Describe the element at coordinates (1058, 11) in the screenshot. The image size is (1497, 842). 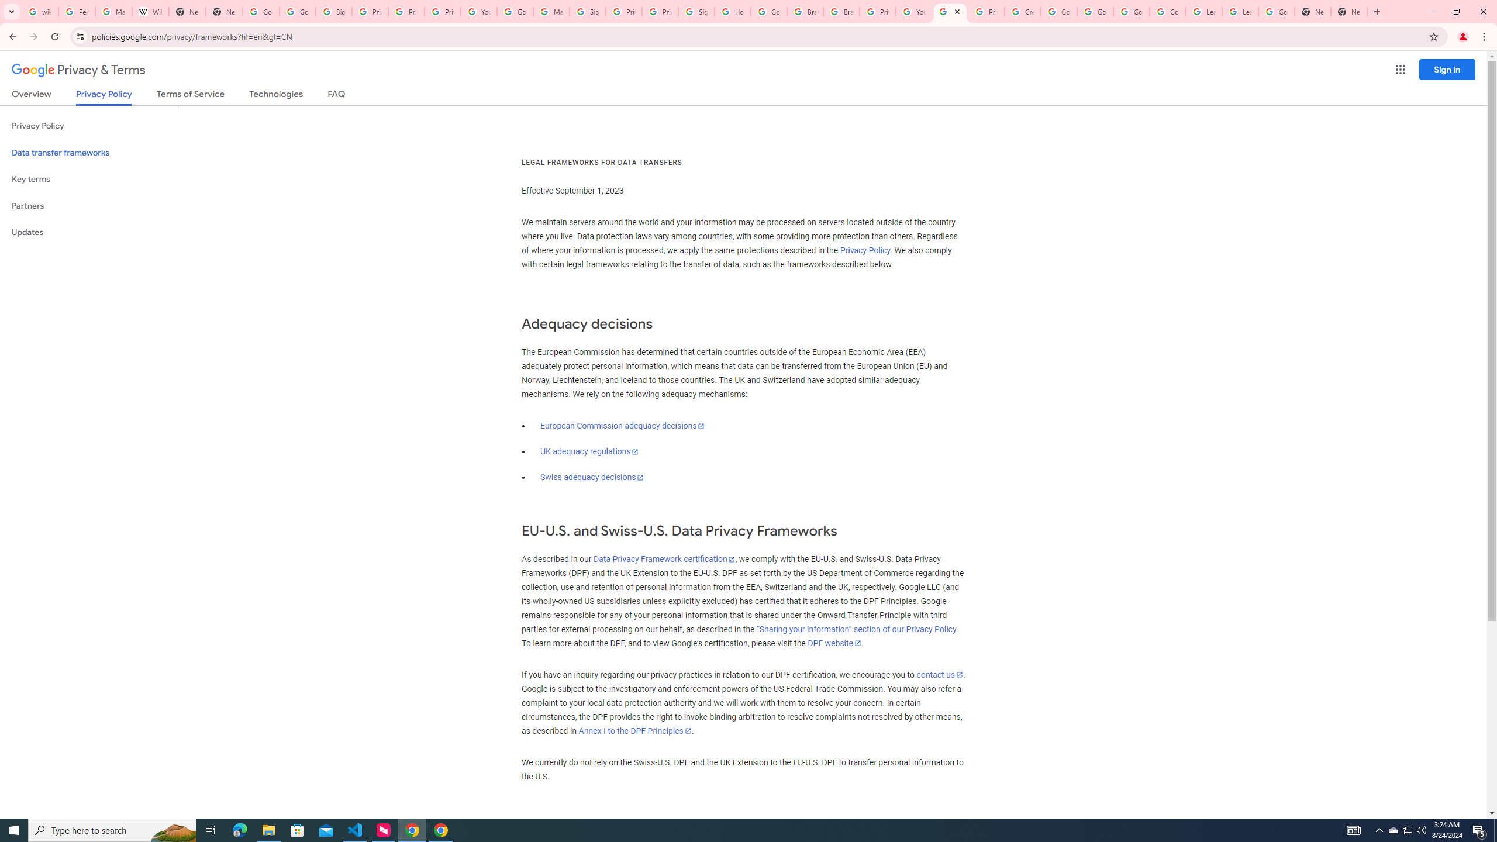
I see `'Google Account Help'` at that location.